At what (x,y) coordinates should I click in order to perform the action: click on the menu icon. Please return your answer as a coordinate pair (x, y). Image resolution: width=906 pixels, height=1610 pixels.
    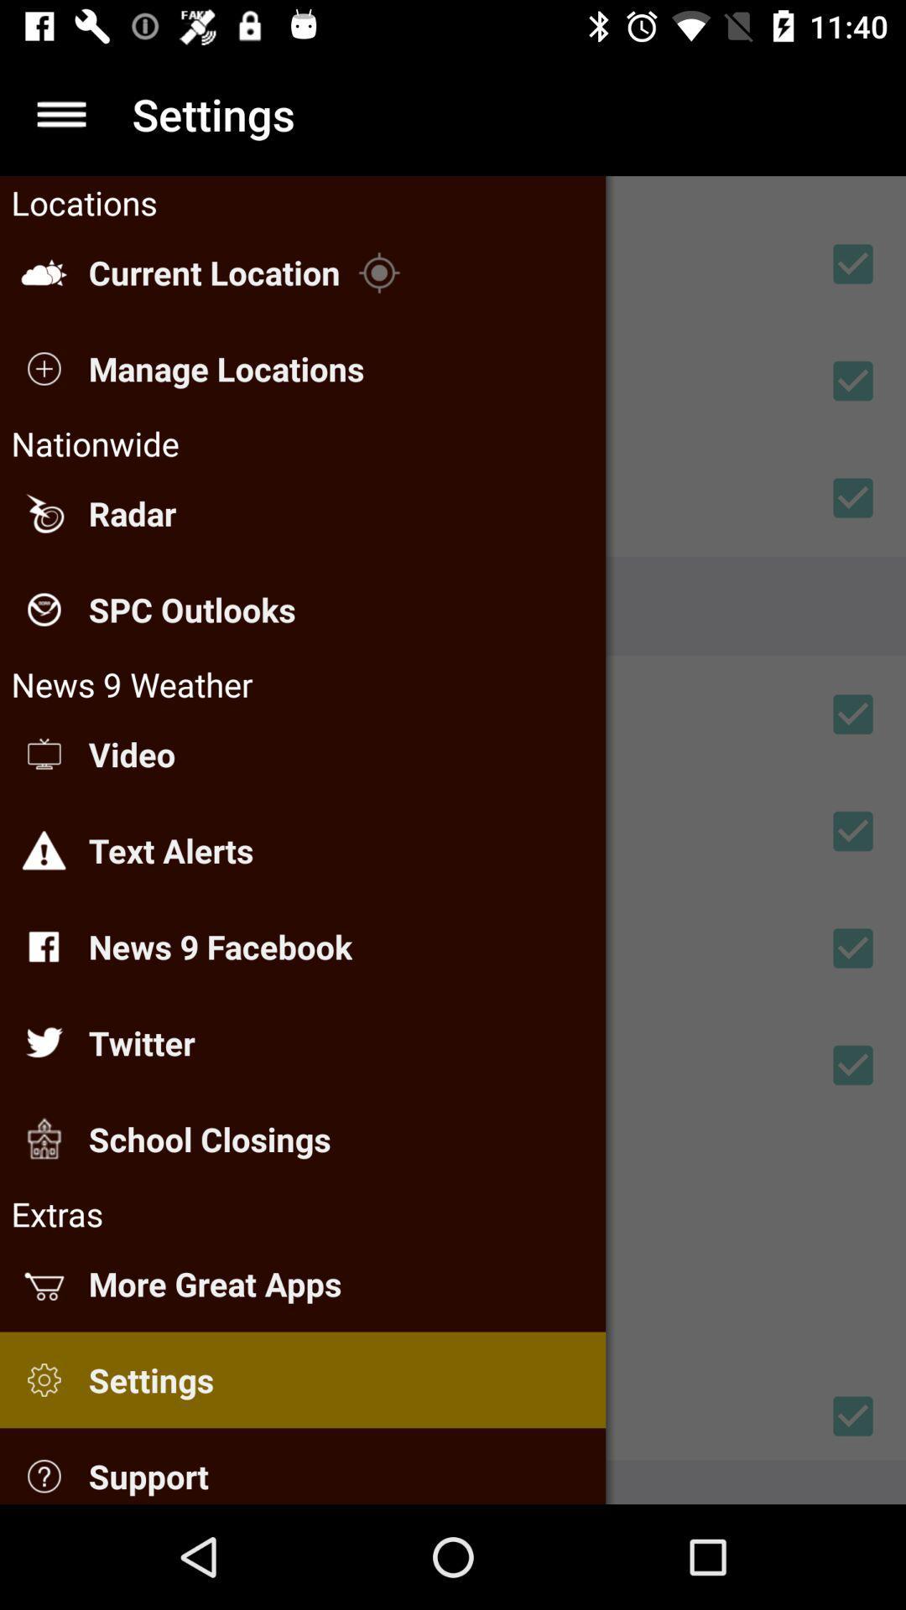
    Looking at the image, I should click on (60, 113).